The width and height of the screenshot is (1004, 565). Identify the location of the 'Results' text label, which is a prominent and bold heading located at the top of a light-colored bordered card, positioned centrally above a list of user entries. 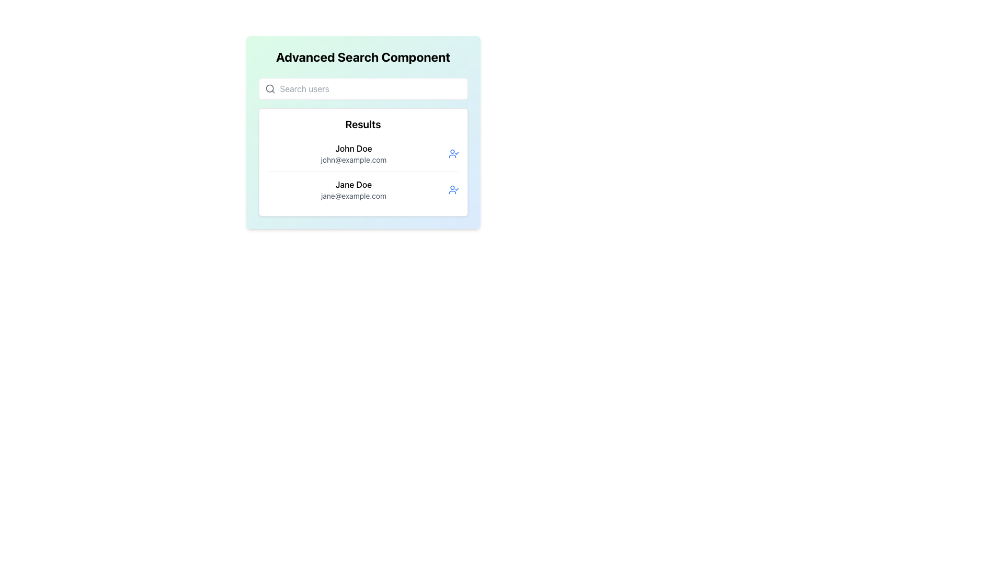
(363, 124).